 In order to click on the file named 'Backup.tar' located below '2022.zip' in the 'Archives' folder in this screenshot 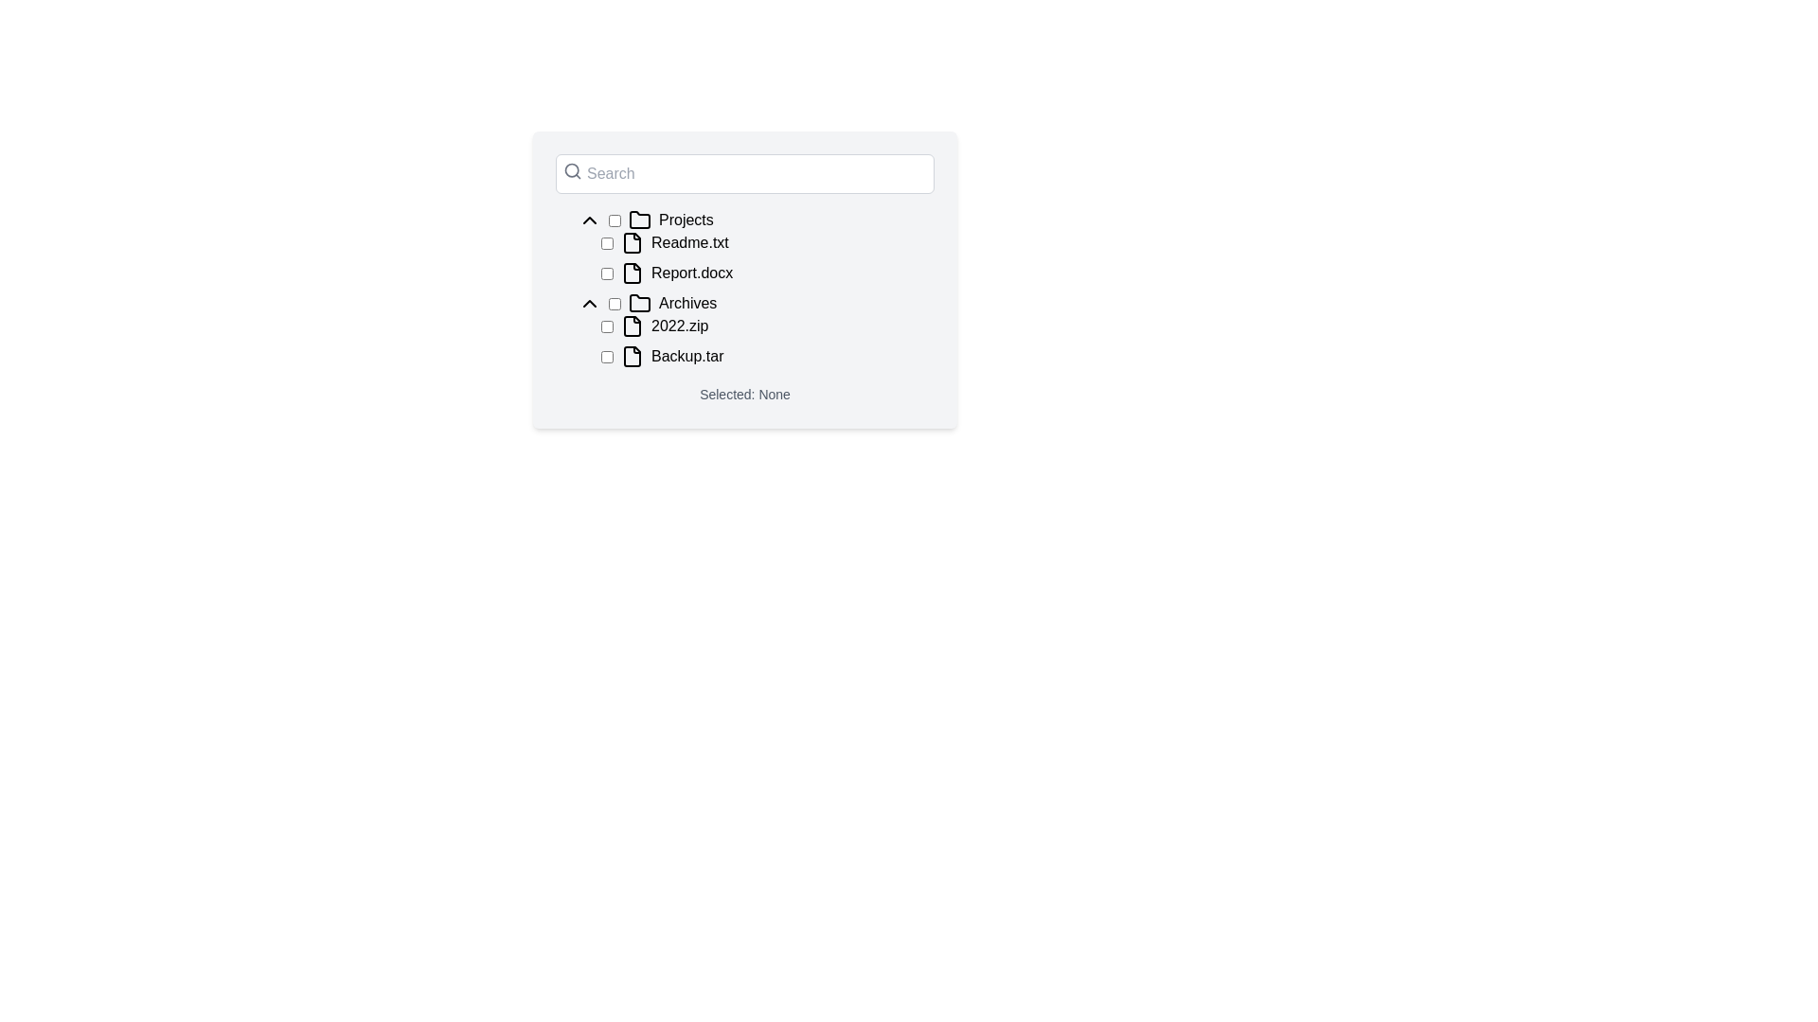, I will do `click(768, 357)`.